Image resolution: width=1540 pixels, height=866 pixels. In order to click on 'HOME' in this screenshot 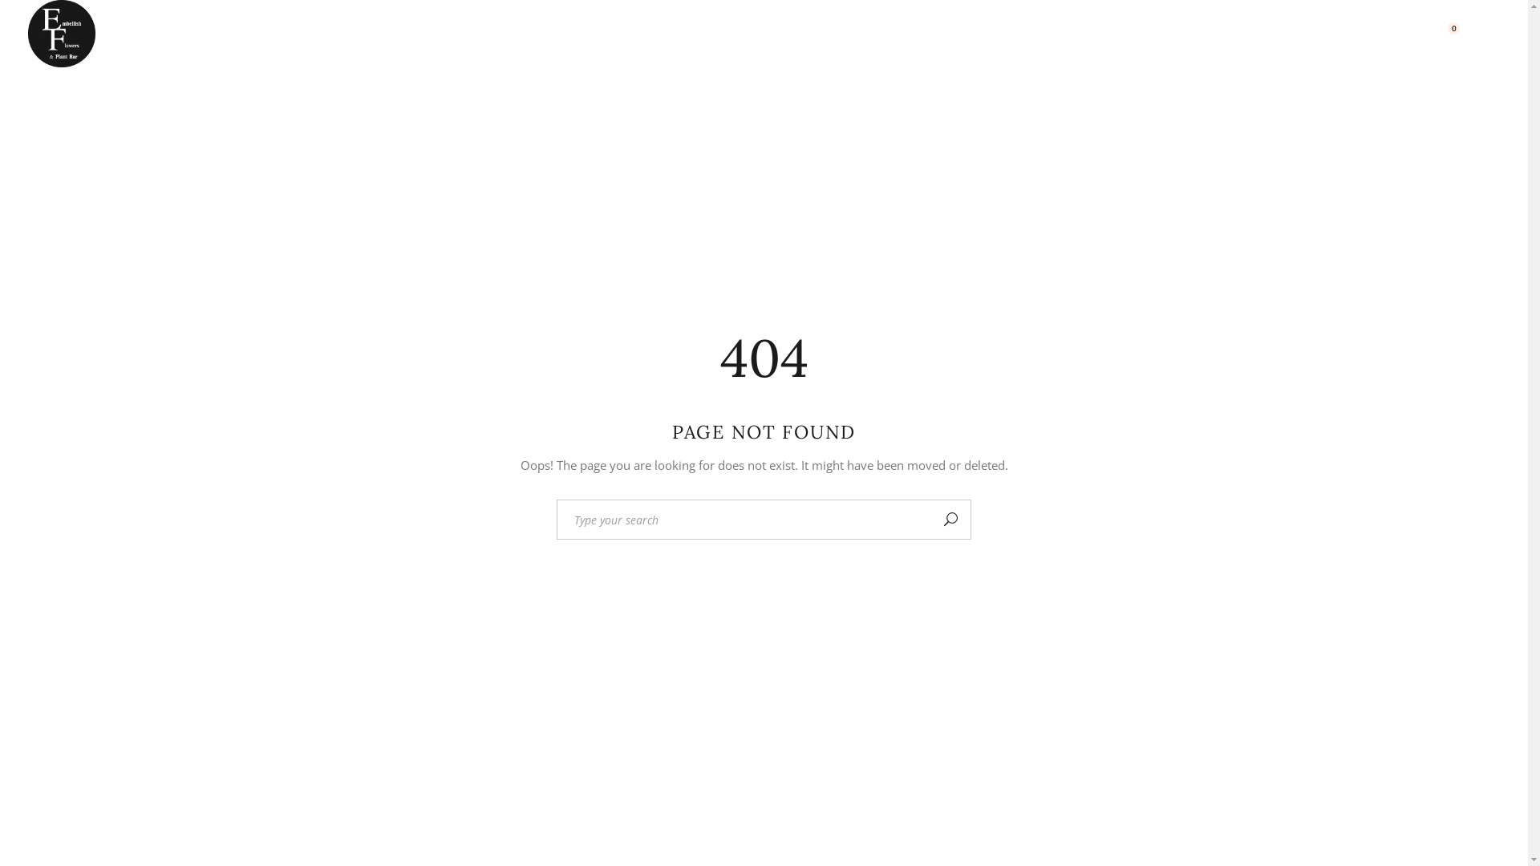, I will do `click(143, 34)`.